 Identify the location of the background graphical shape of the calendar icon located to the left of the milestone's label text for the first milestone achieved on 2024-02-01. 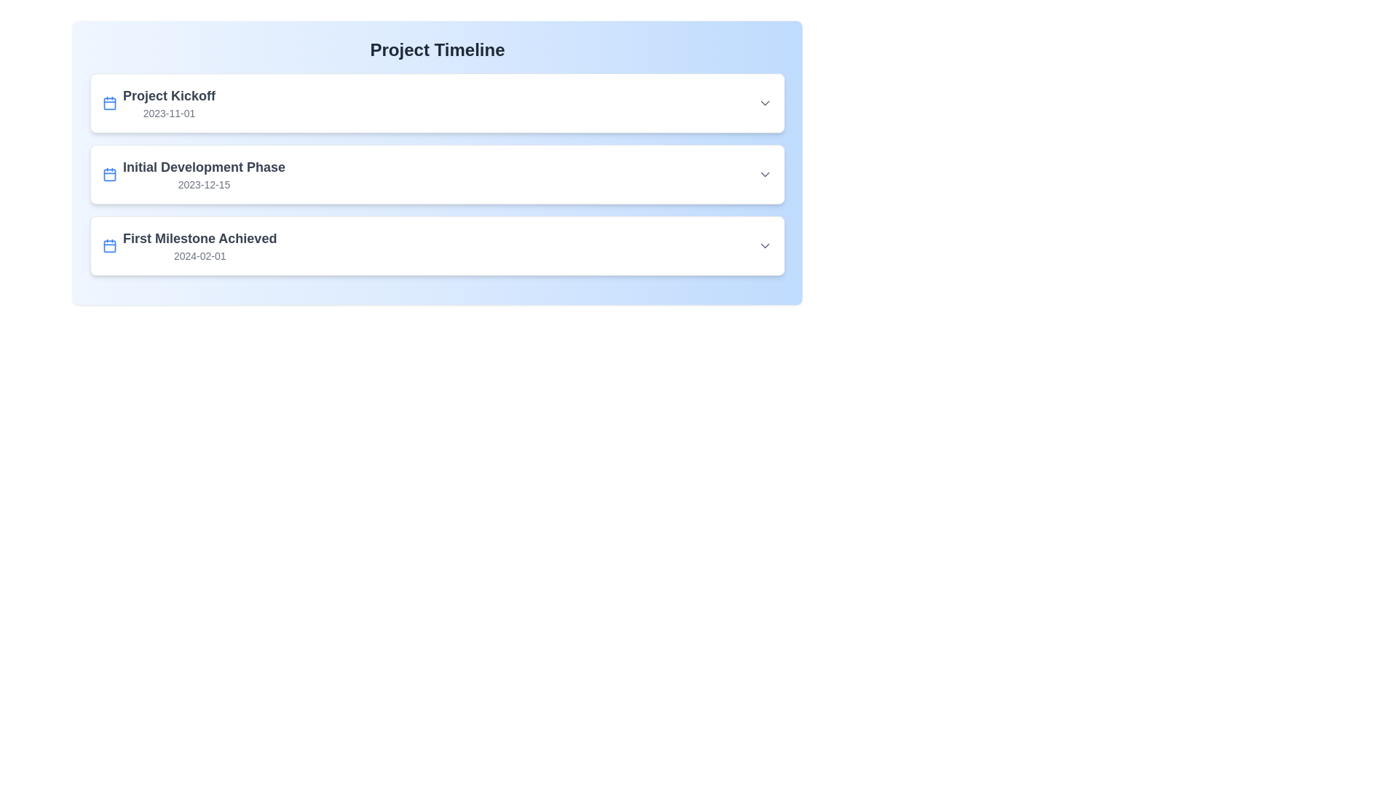
(108, 245).